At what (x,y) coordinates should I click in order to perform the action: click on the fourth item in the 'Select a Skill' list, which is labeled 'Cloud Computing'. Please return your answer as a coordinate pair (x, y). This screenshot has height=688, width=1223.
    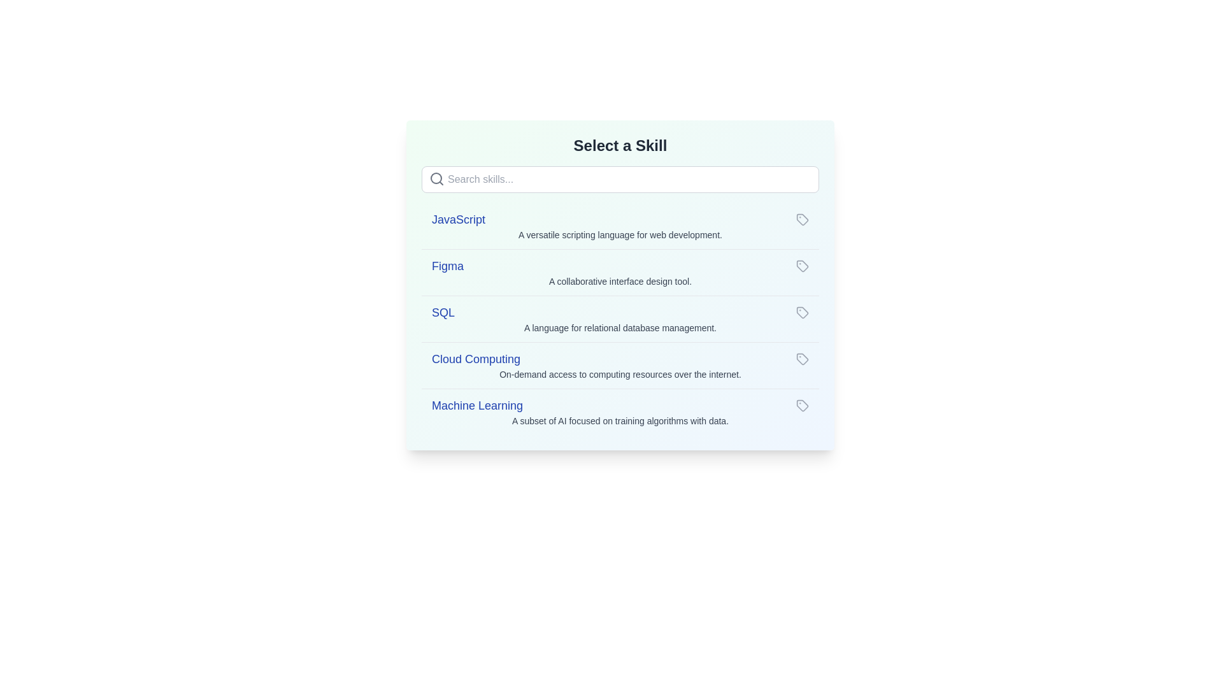
    Looking at the image, I should click on (620, 359).